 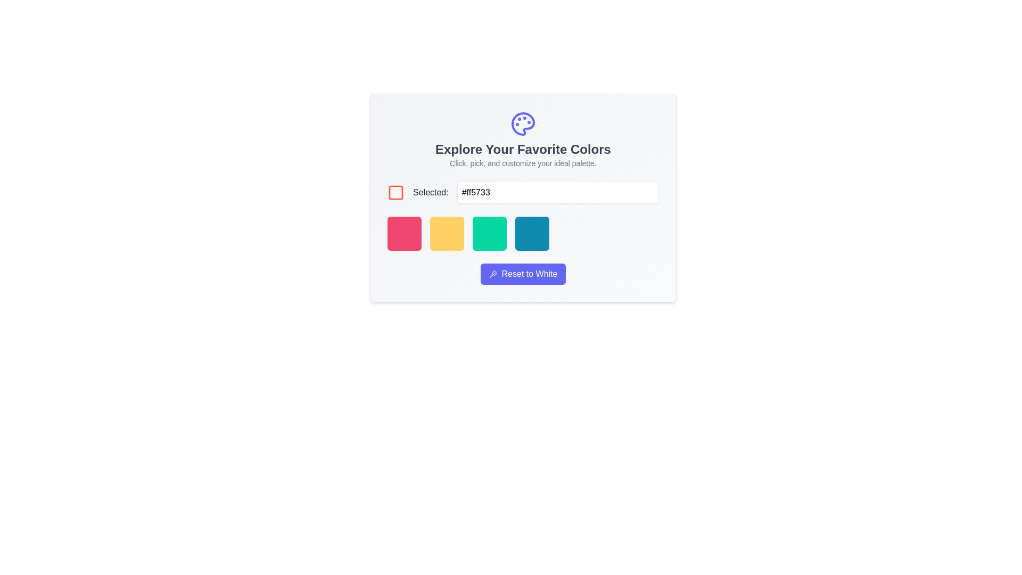 What do you see at coordinates (523, 163) in the screenshot?
I see `the text label that reads 'Click, pick, and customize your ideal palette.' which is located below the heading 'Explore Your Favorite Colors'` at bounding box center [523, 163].